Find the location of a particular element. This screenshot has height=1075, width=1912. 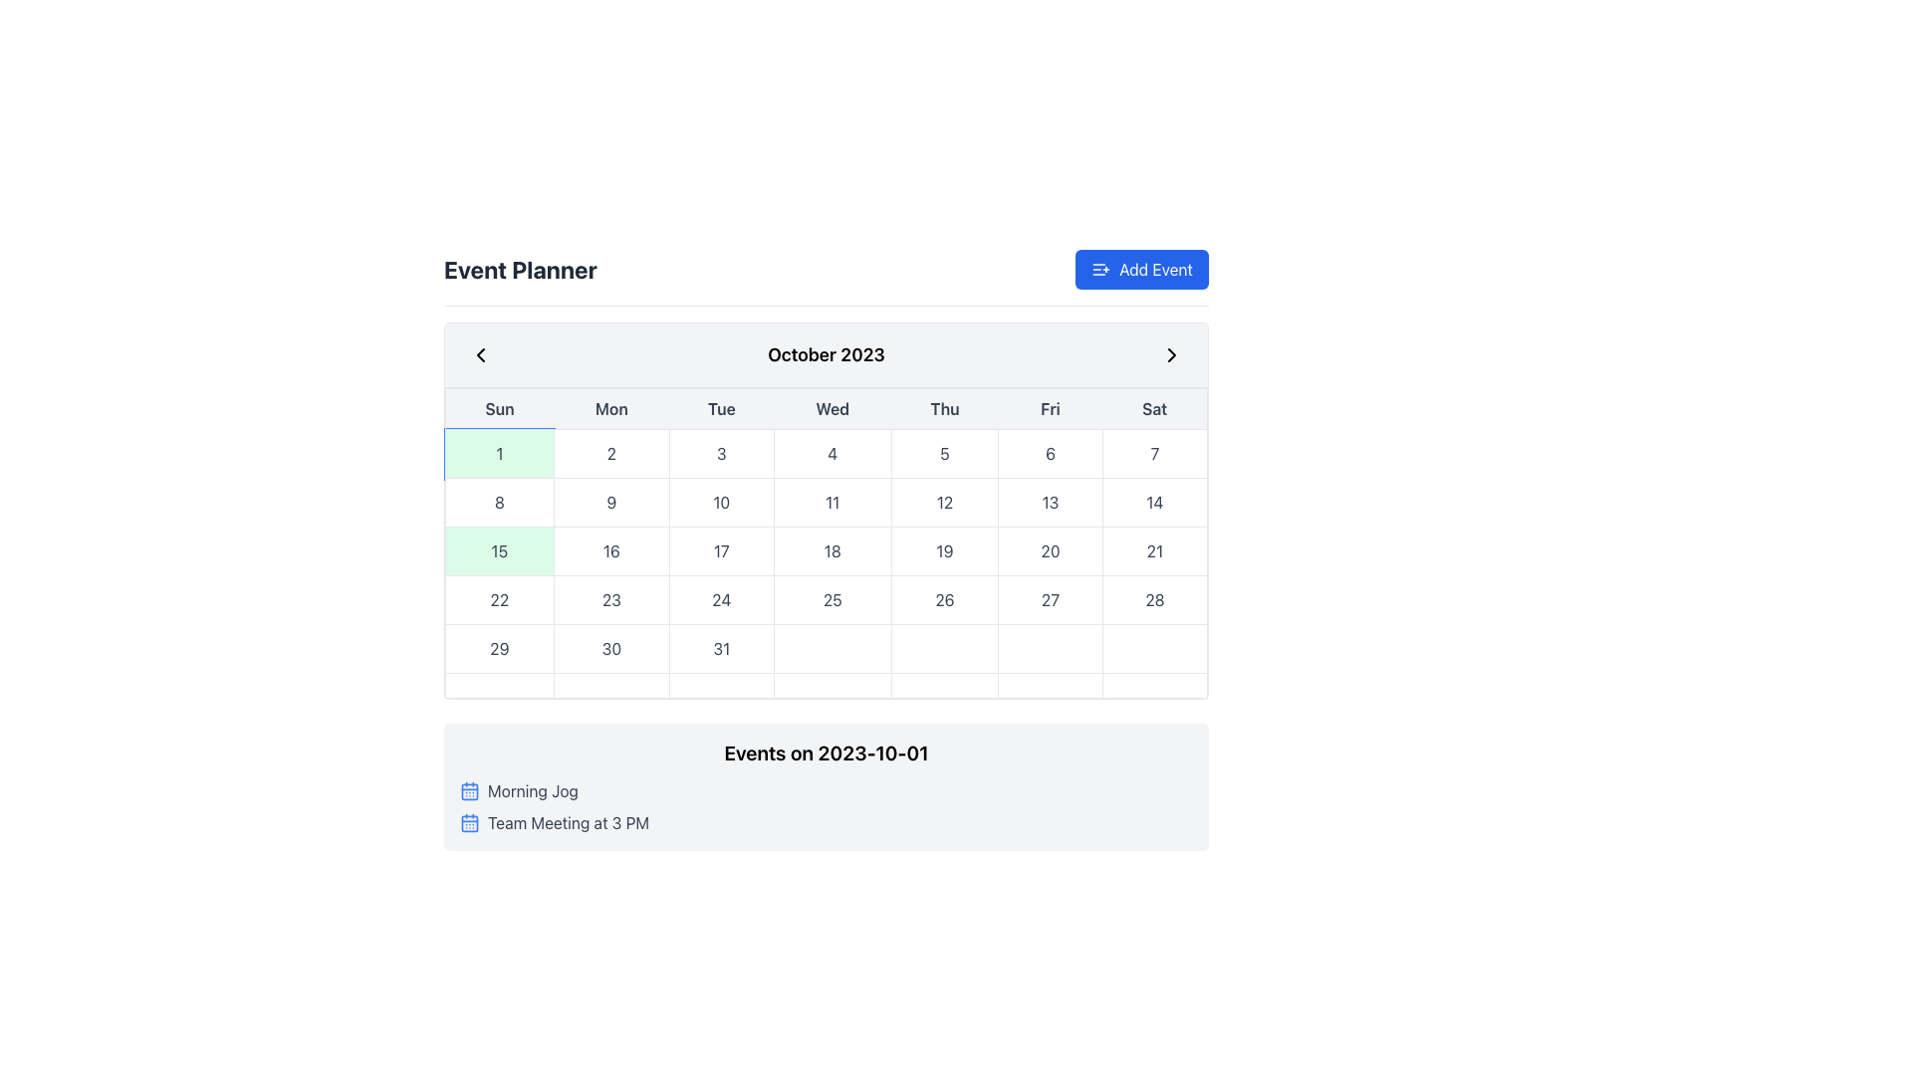

the Chevron icon located in the top-right corner of the calendar interface is located at coordinates (1171, 354).